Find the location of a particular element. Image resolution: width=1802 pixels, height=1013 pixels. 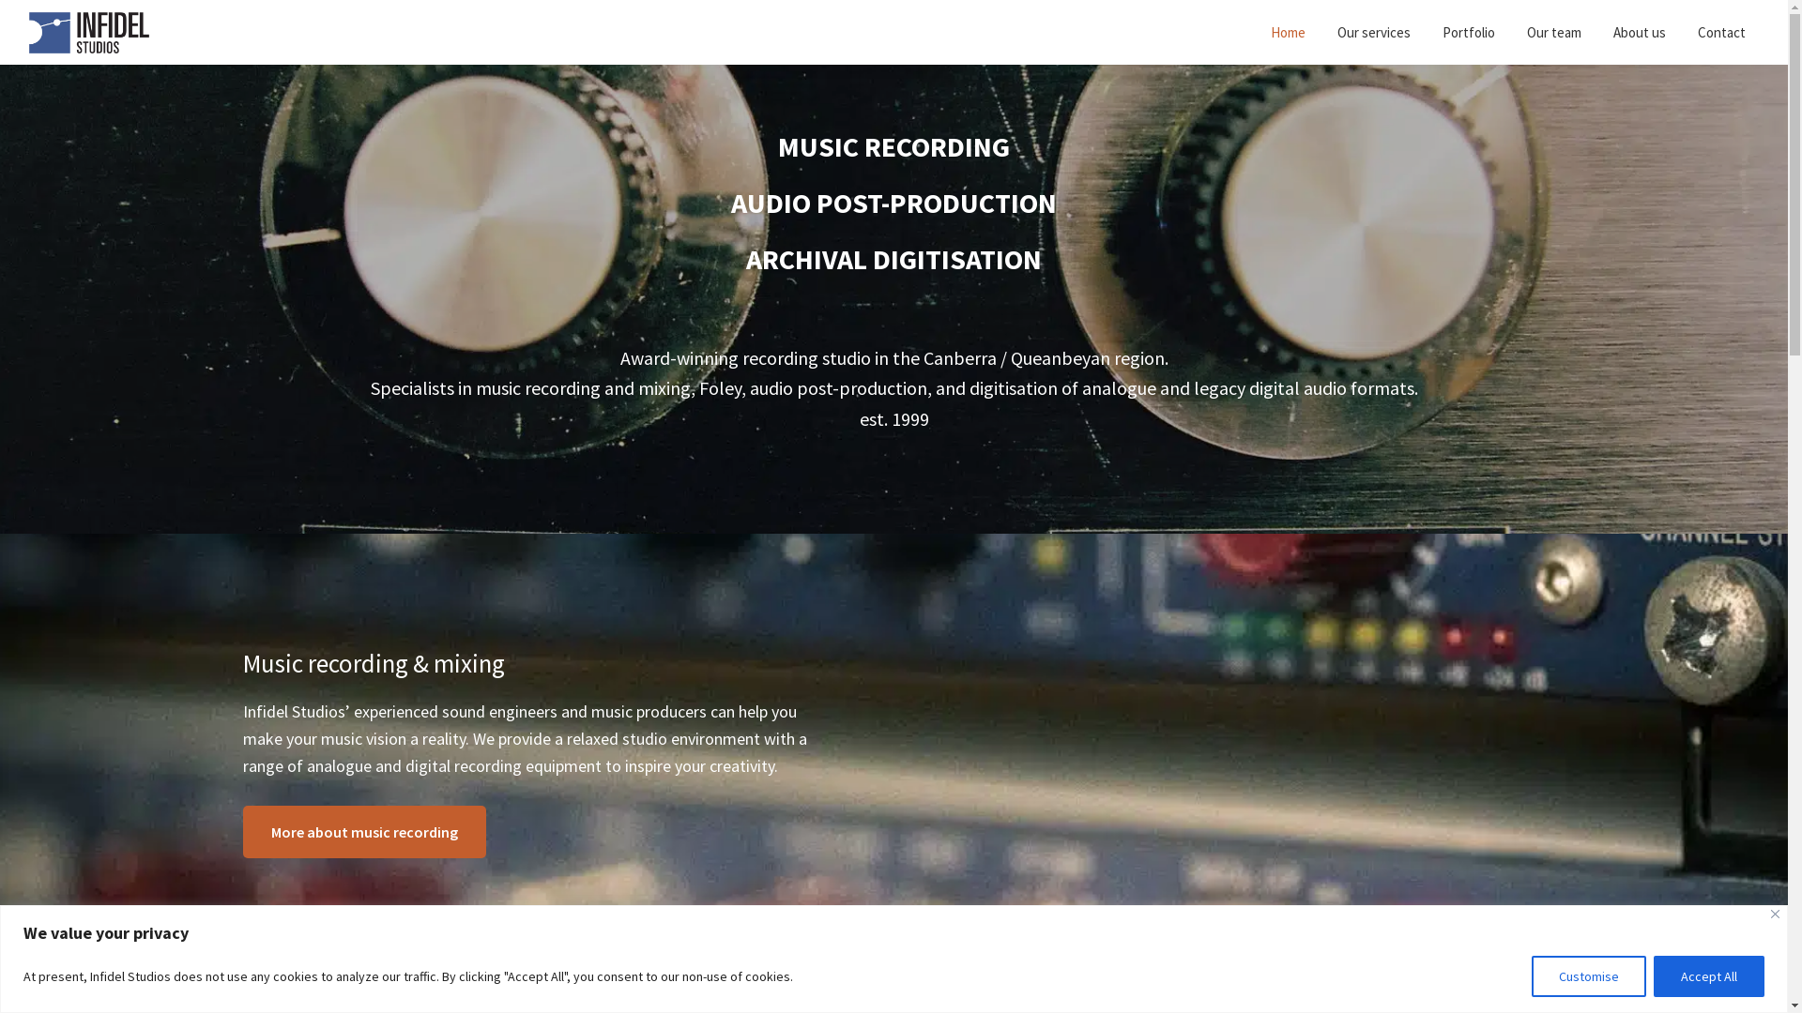

'Accept All' is located at coordinates (1708, 975).